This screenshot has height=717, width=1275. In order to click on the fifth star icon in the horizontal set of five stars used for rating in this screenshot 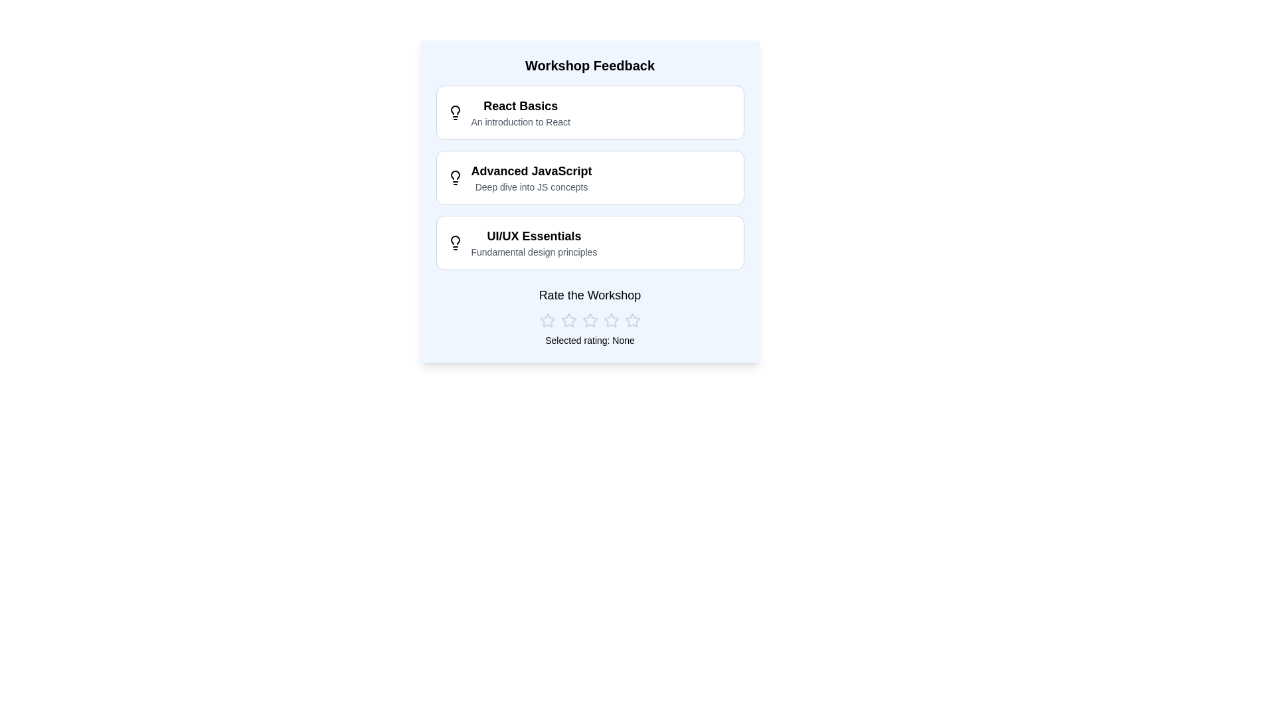, I will do `click(632, 320)`.